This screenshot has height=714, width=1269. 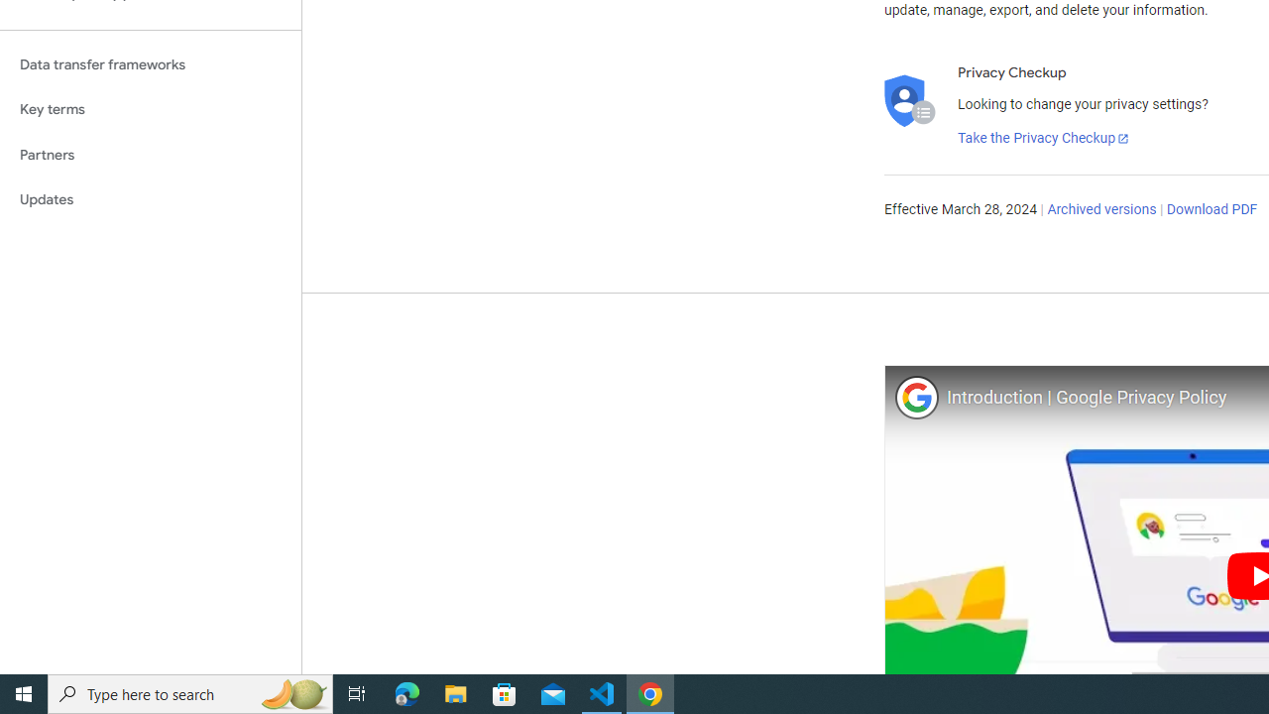 What do you see at coordinates (915, 397) in the screenshot?
I see `'Photo image of Google'` at bounding box center [915, 397].